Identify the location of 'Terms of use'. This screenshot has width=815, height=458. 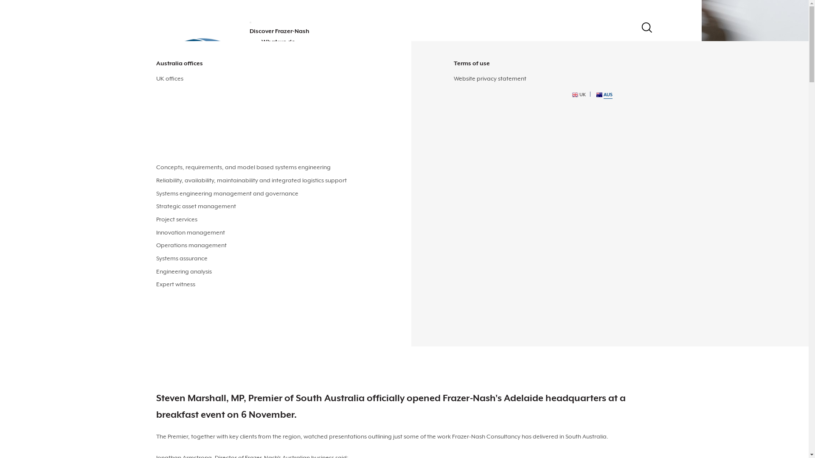
(453, 63).